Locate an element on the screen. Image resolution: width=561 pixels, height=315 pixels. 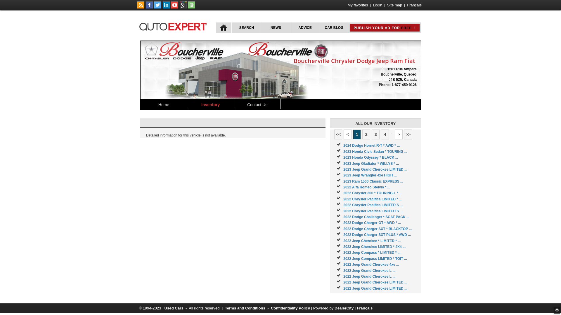
'ADVICE' is located at coordinates (304, 27).